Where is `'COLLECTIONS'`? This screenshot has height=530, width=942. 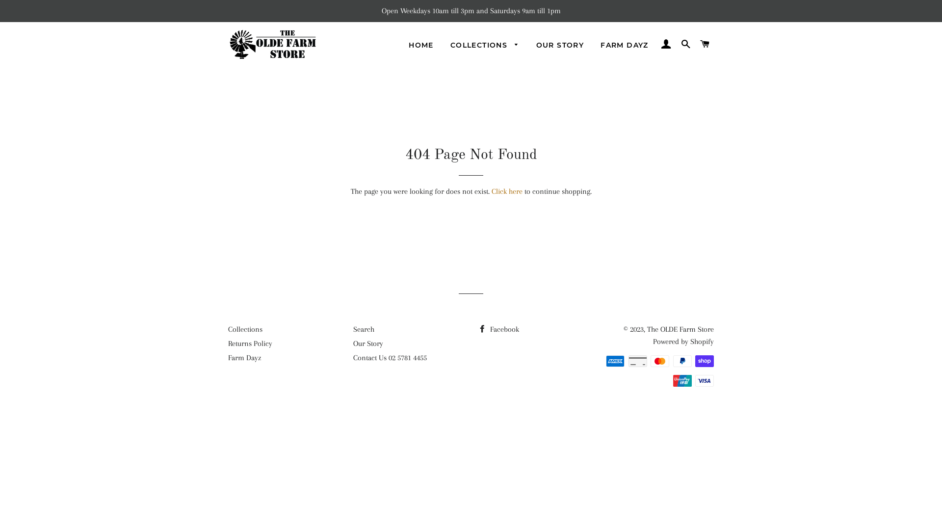 'COLLECTIONS' is located at coordinates (485, 45).